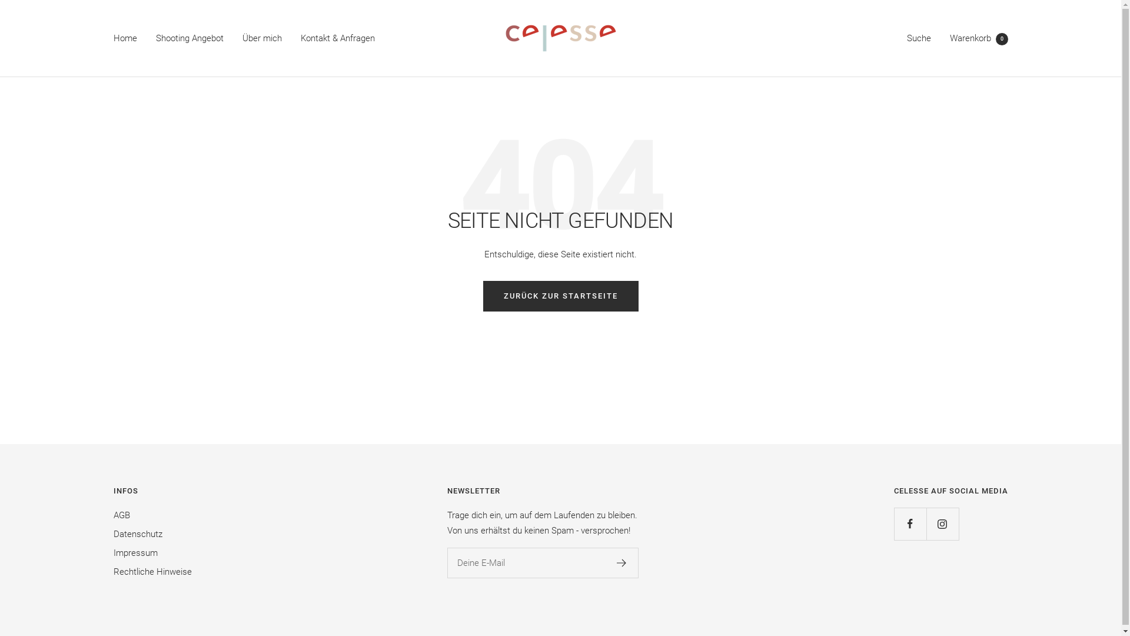  Describe the element at coordinates (336, 38) in the screenshot. I see `'Kontakt & Anfragen'` at that location.